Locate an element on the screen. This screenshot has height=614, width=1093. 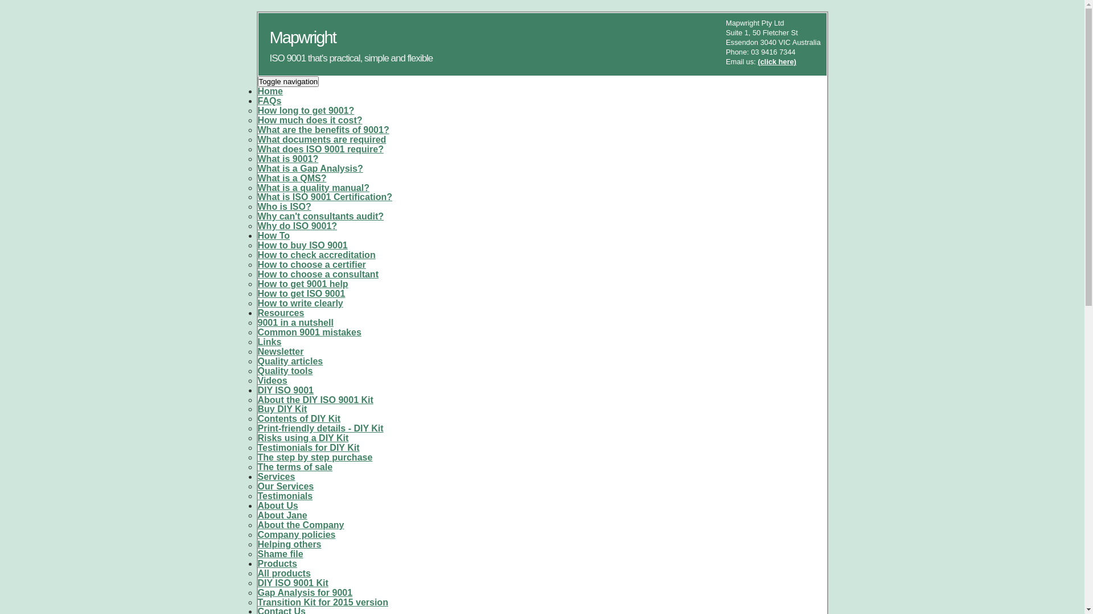
'Gap Analysis for 9001' is located at coordinates (305, 592).